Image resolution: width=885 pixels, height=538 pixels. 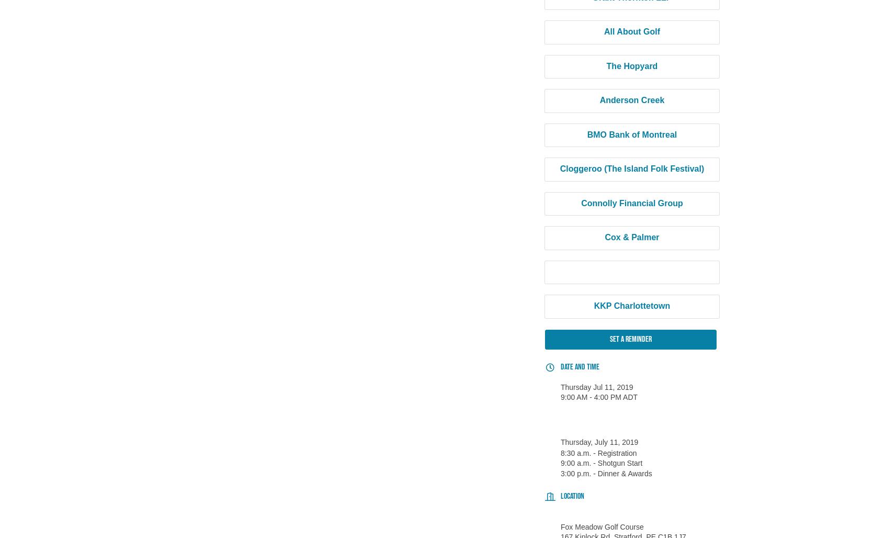 What do you see at coordinates (561, 366) in the screenshot?
I see `'Date and Time'` at bounding box center [561, 366].